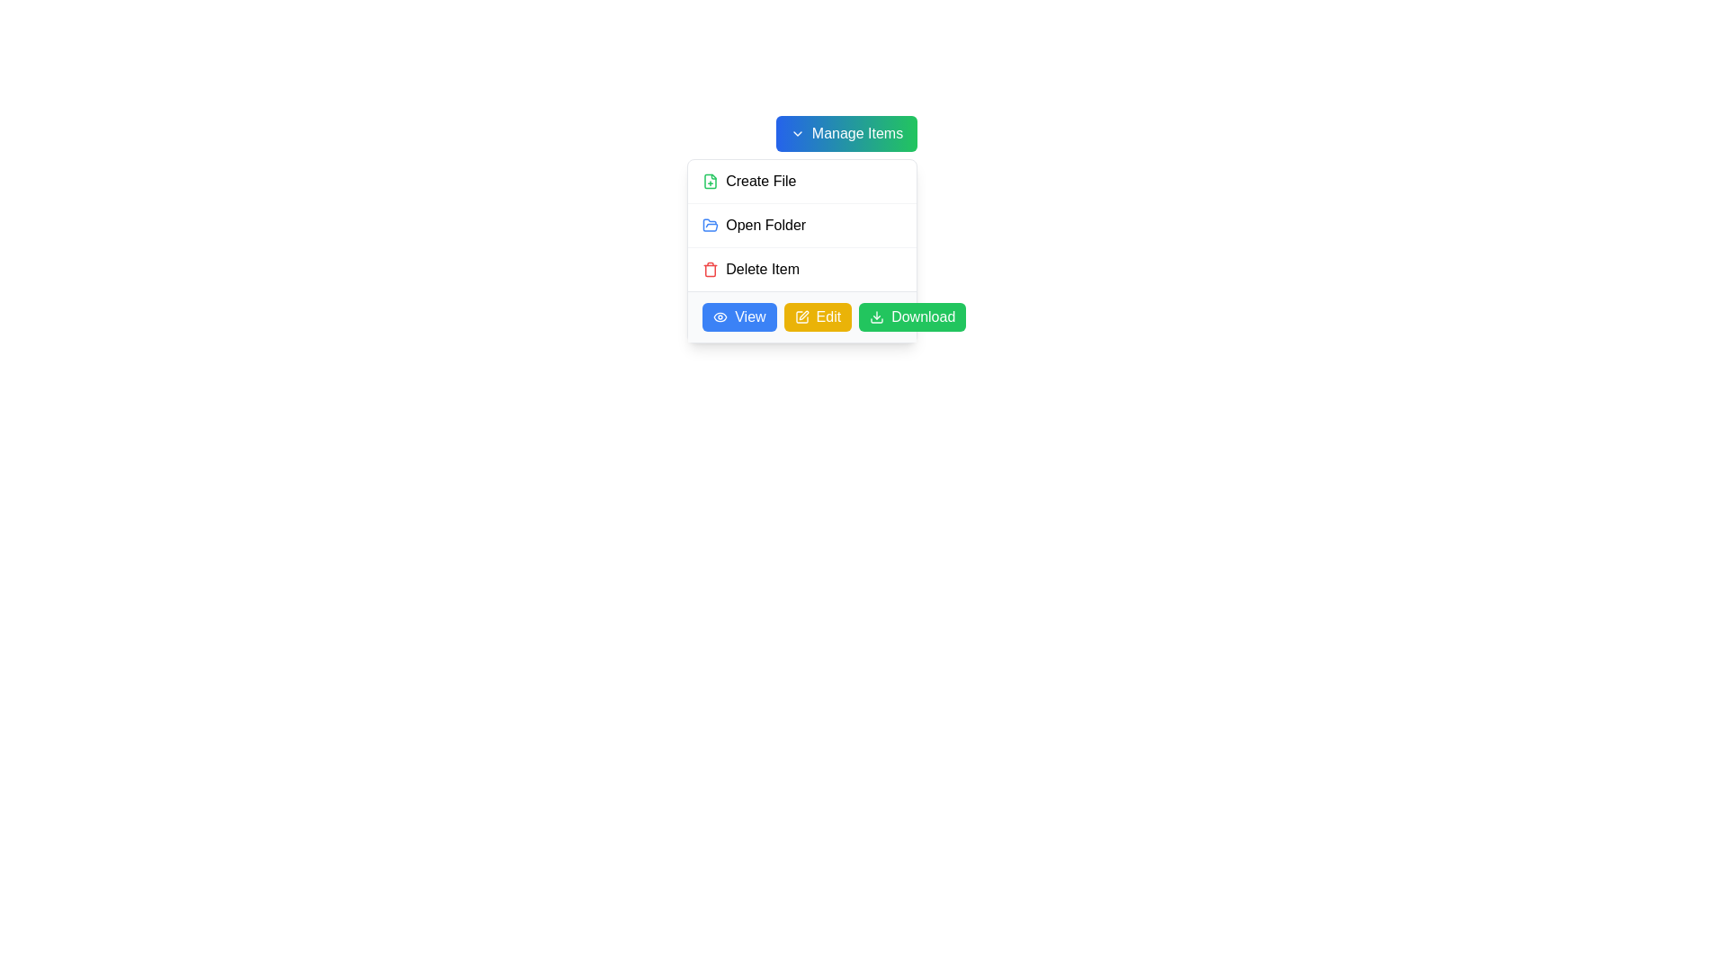 The height and width of the screenshot is (971, 1727). Describe the element at coordinates (801, 224) in the screenshot. I see `keyboard navigation` at that location.